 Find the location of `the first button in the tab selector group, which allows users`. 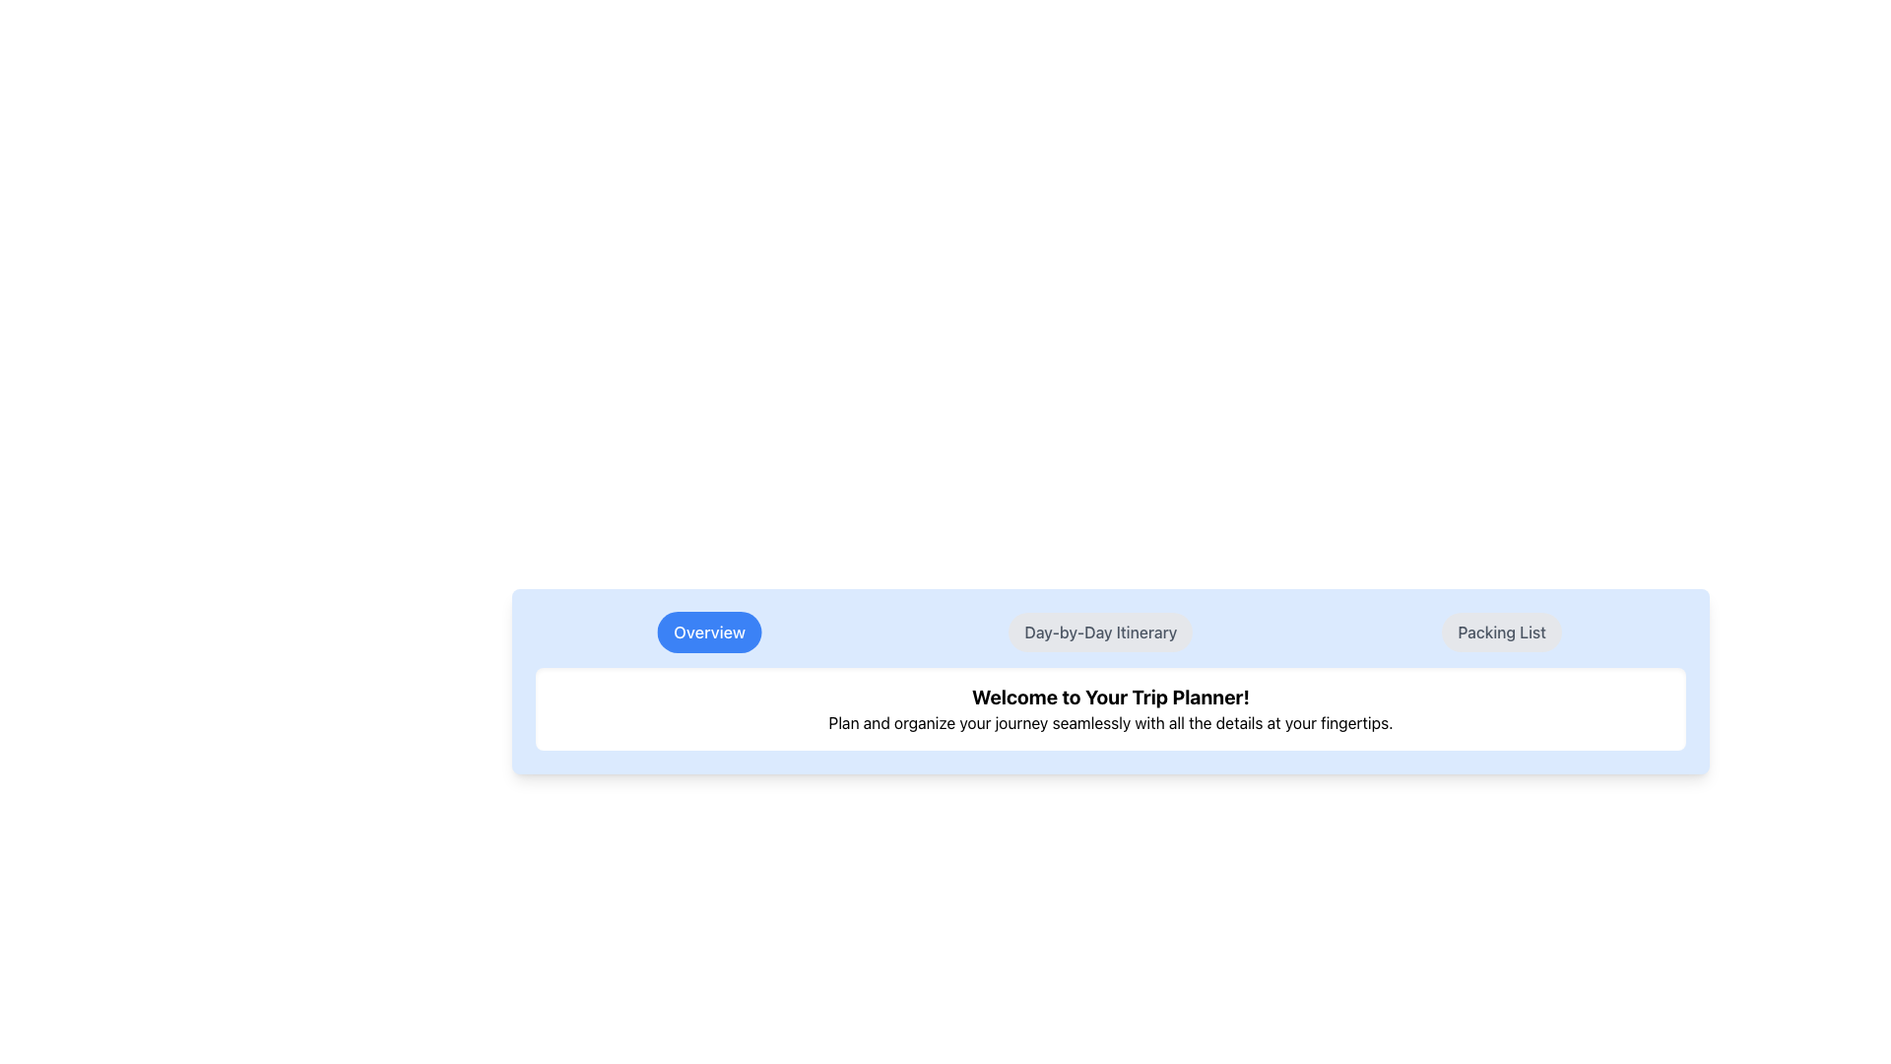

the first button in the tab selector group, which allows users is located at coordinates (709, 632).